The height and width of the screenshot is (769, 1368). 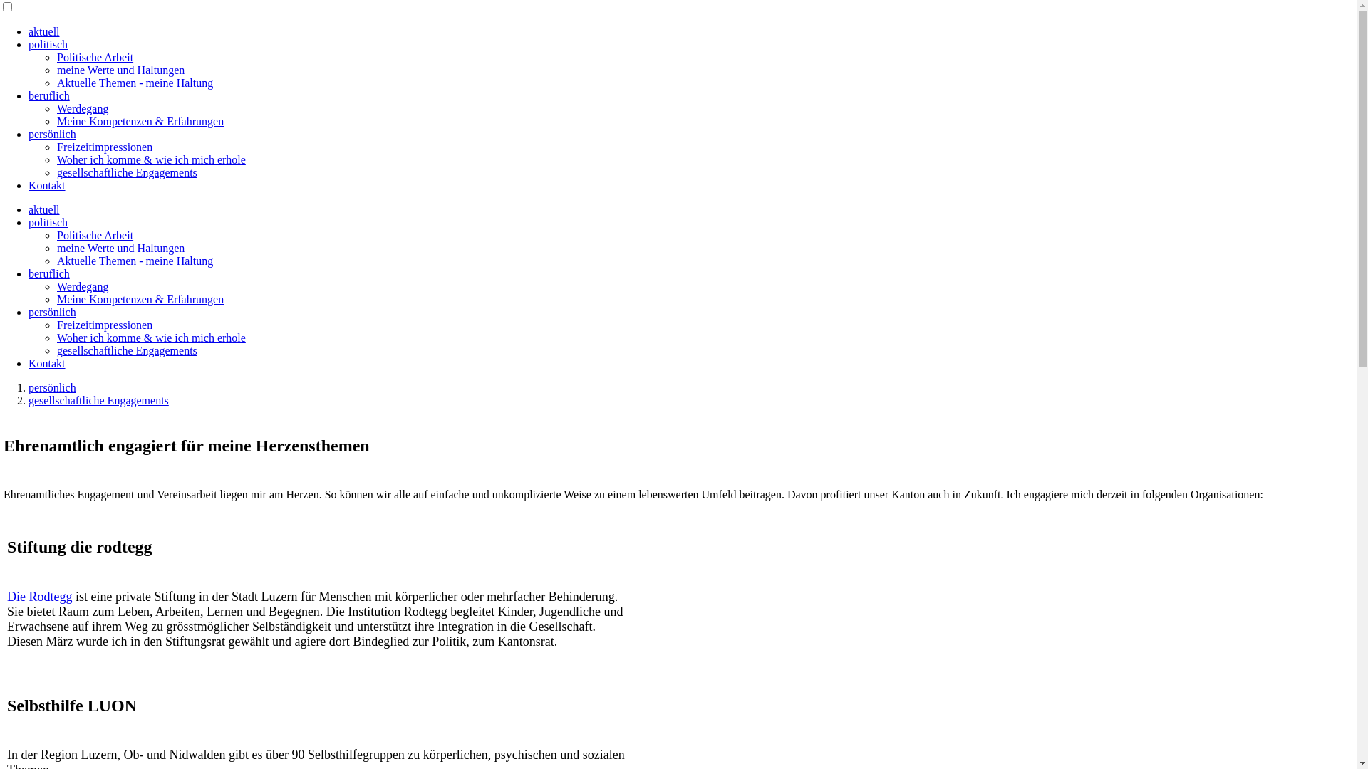 I want to click on 'beruflich', so click(x=48, y=273).